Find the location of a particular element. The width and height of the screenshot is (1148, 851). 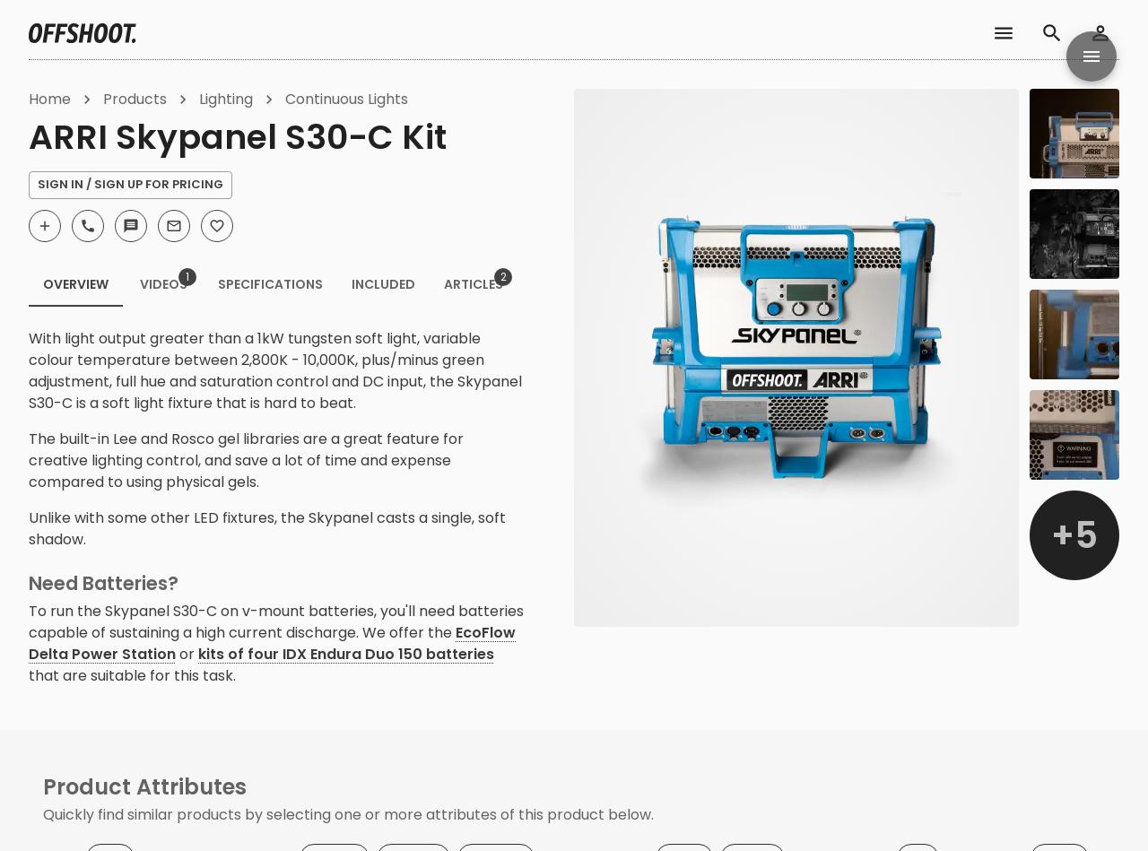

'With light output greater than a 1kW tungsten soft light, variable colour temperature between 2,800K - 10,000K, plus/minus green adjustment, full hue and saturation control and DC input, the Skypanel S30-C is a soft light fixture that is hard to beat.' is located at coordinates (274, 369).